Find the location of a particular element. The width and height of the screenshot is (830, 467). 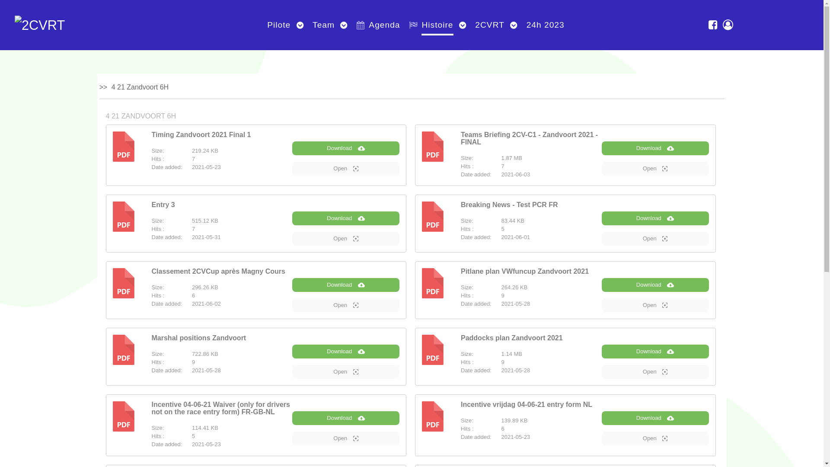

'Marshal positions Zandvoort' is located at coordinates (198, 337).